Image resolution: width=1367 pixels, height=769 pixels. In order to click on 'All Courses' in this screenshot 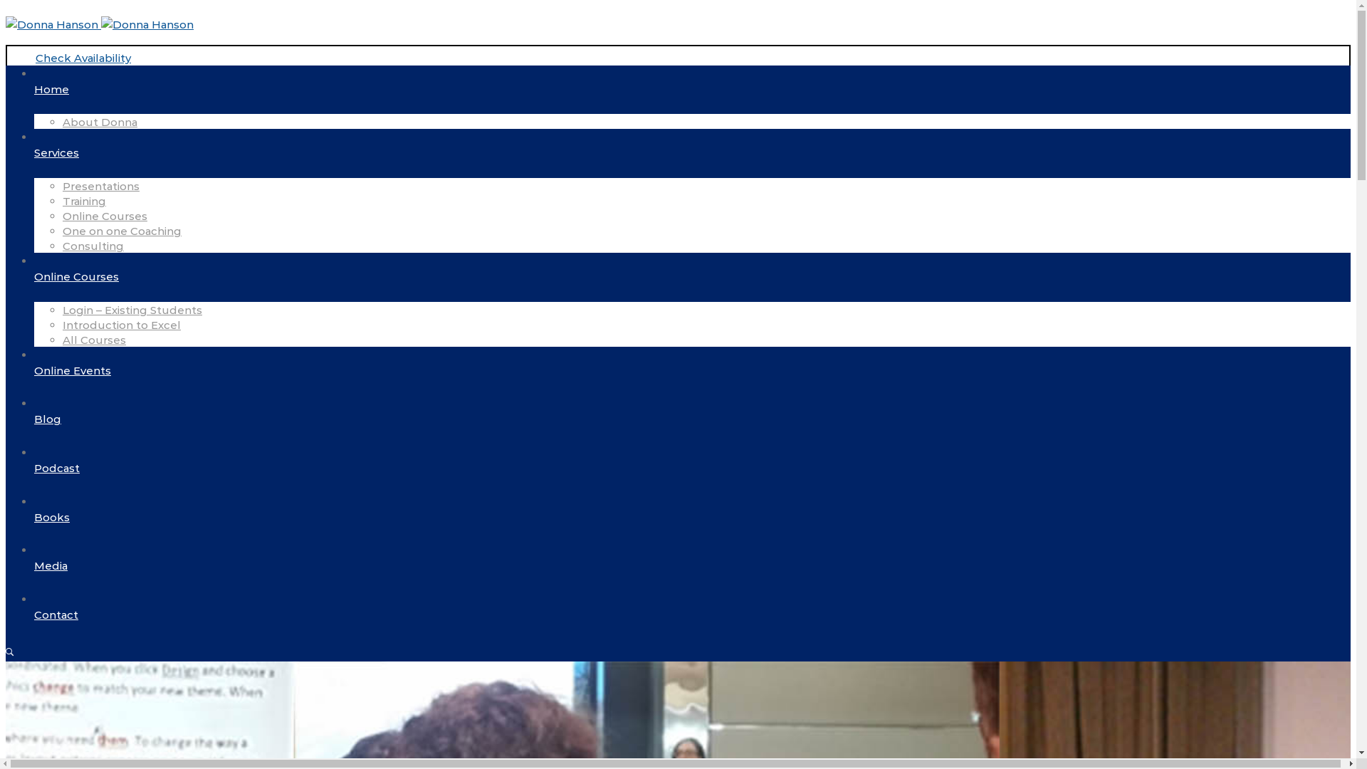, I will do `click(61, 340)`.